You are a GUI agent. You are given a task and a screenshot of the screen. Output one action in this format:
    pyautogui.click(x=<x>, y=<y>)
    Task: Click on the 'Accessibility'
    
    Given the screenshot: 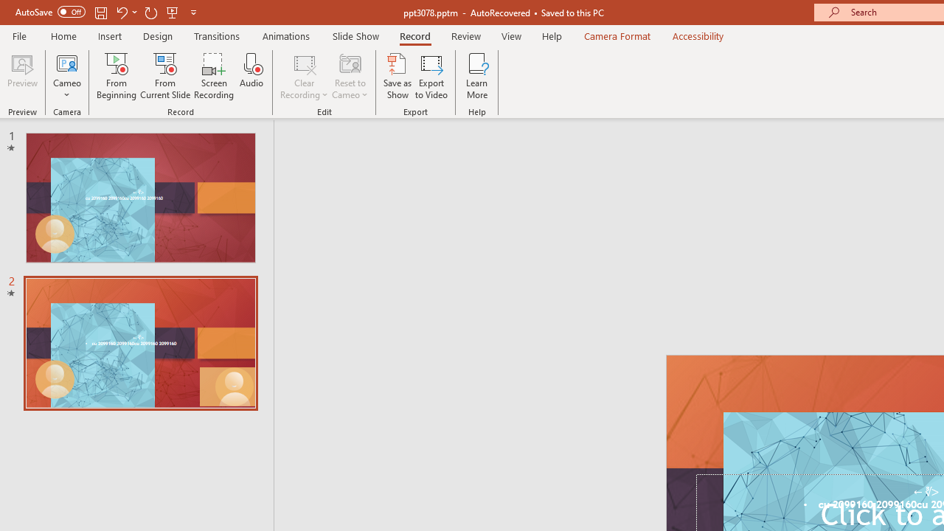 What is the action you would take?
    pyautogui.click(x=698, y=35)
    